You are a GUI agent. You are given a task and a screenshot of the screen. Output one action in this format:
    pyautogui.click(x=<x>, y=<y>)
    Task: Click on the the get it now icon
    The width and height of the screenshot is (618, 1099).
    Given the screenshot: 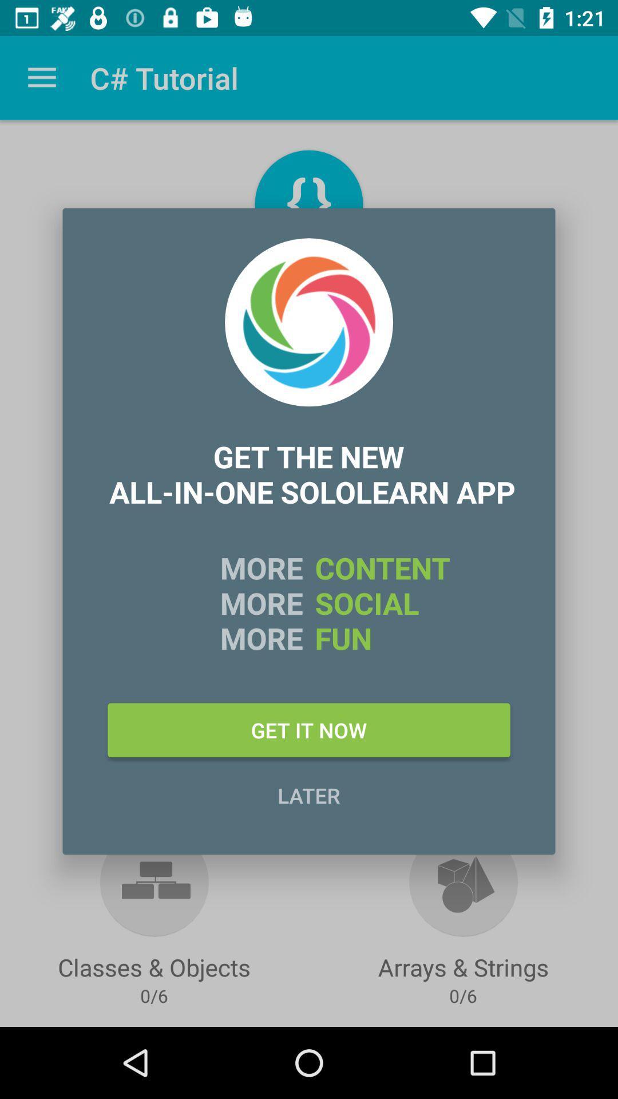 What is the action you would take?
    pyautogui.click(x=309, y=729)
    